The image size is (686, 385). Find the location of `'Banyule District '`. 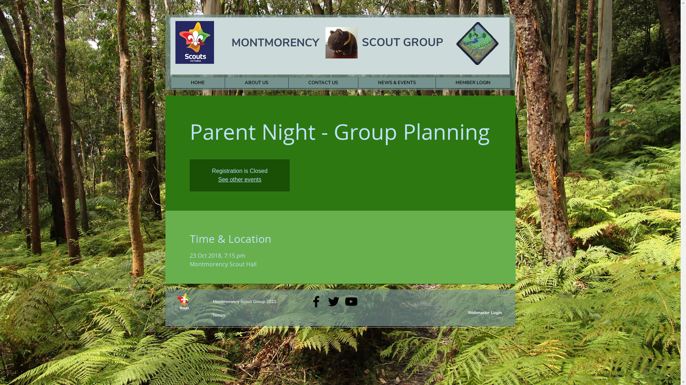

'Banyule District ' is located at coordinates (477, 43).